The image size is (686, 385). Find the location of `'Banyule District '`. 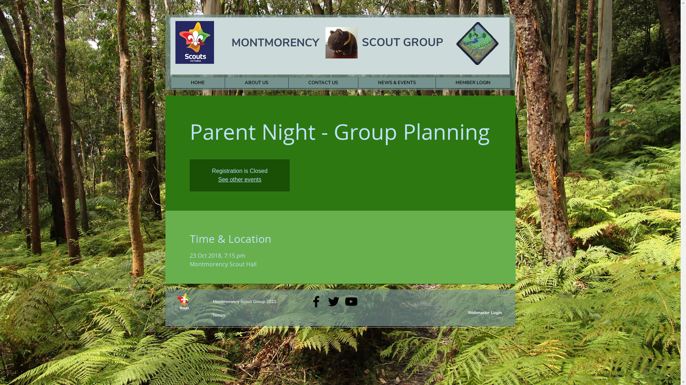

'Banyule District ' is located at coordinates (477, 43).